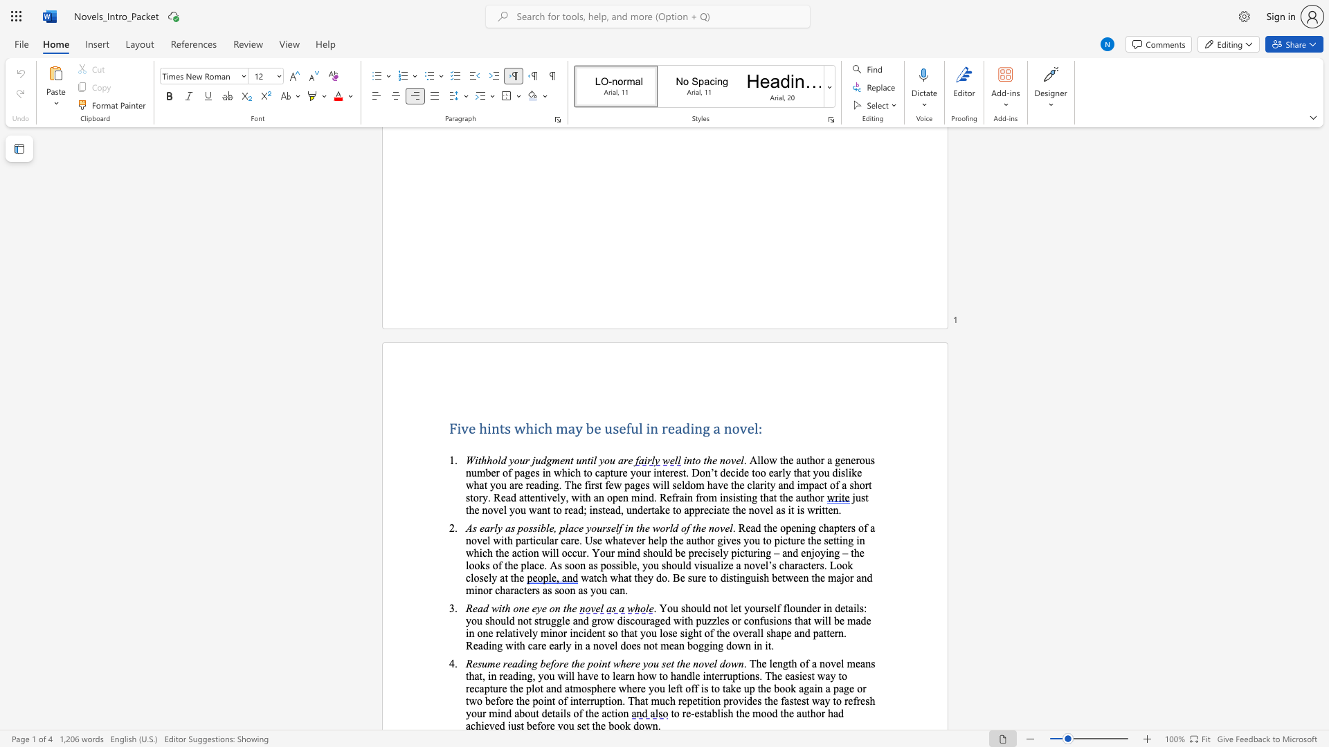 This screenshot has height=747, width=1329. I want to click on the subset text "s. Look close" within the text ". Read the opening chapters of a novel with particular care. Use whatever help the author gives you to picture the setting in which the action will occur. Your mind should be precisely picturing – and enjoying – the looks of the place. As soon as possible, you should visualize a novel’s characters. Look closely at the", so click(820, 565).